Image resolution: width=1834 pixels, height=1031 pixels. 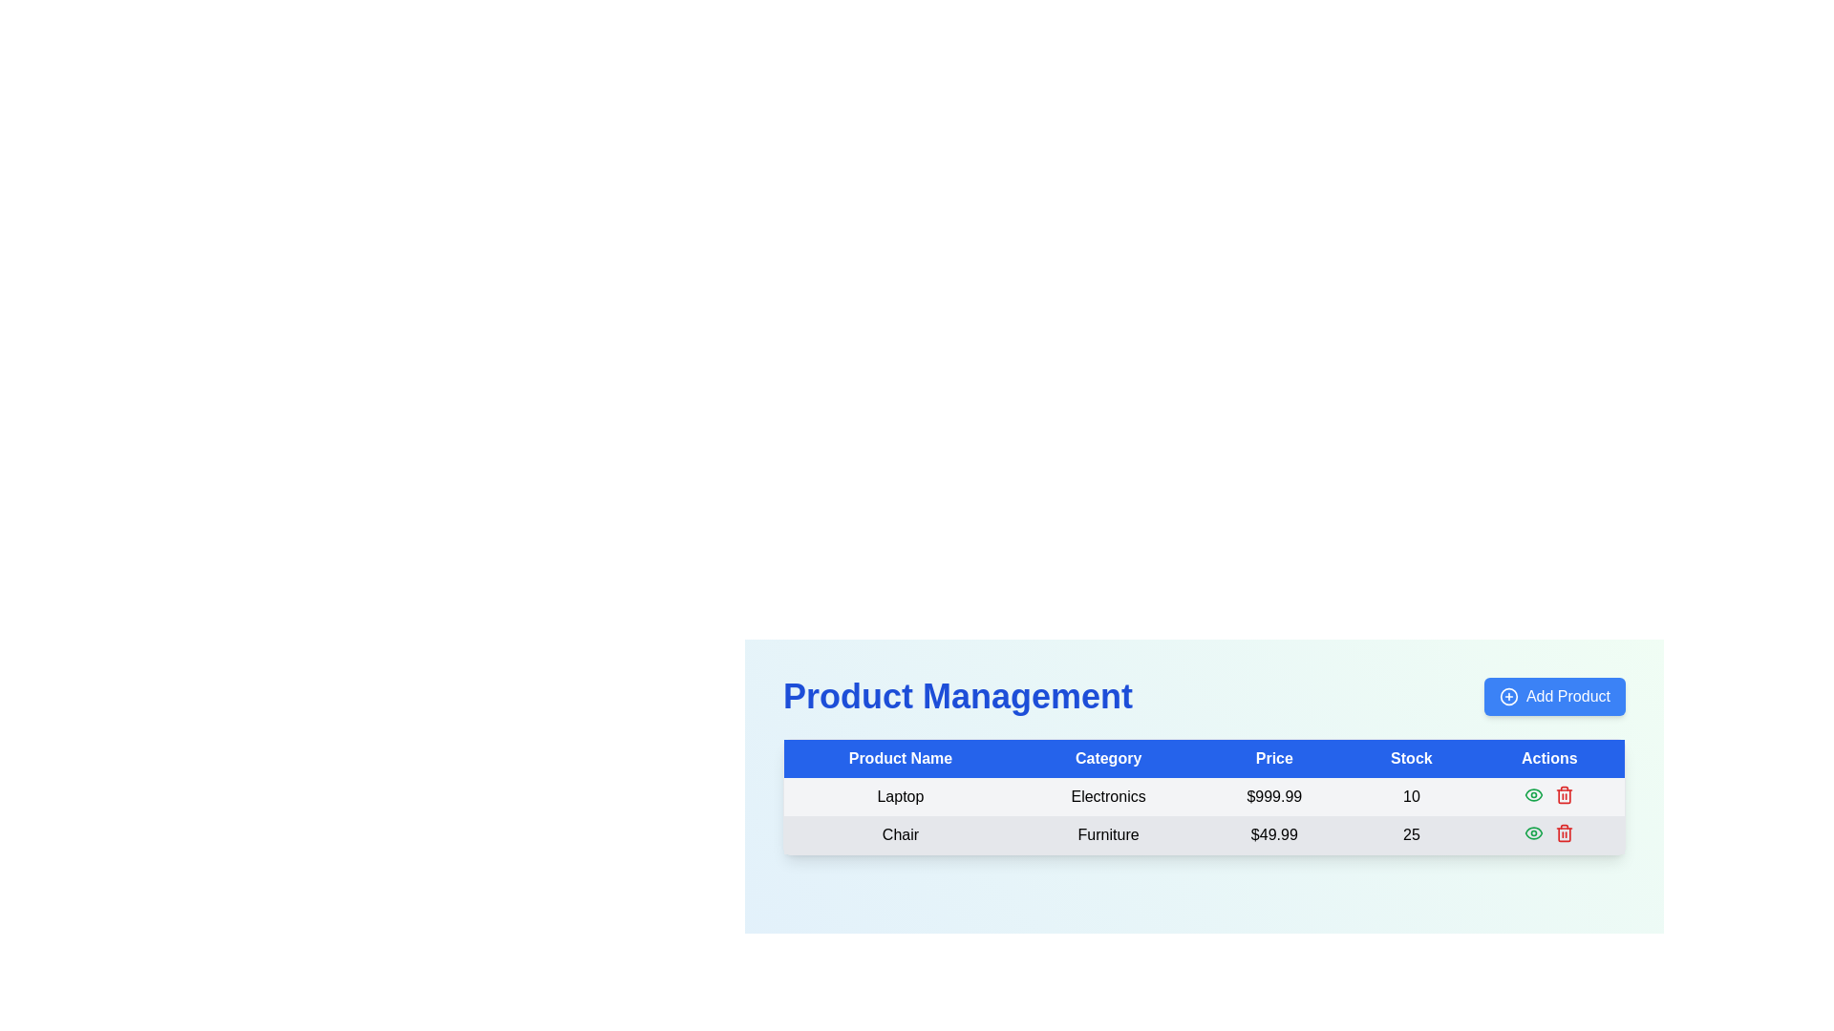 What do you see at coordinates (1411, 796) in the screenshot?
I see `the static text element representing the stock quantity for 'Laptop' located in the 'Stock' column of the first row in the 'Product Management' section` at bounding box center [1411, 796].